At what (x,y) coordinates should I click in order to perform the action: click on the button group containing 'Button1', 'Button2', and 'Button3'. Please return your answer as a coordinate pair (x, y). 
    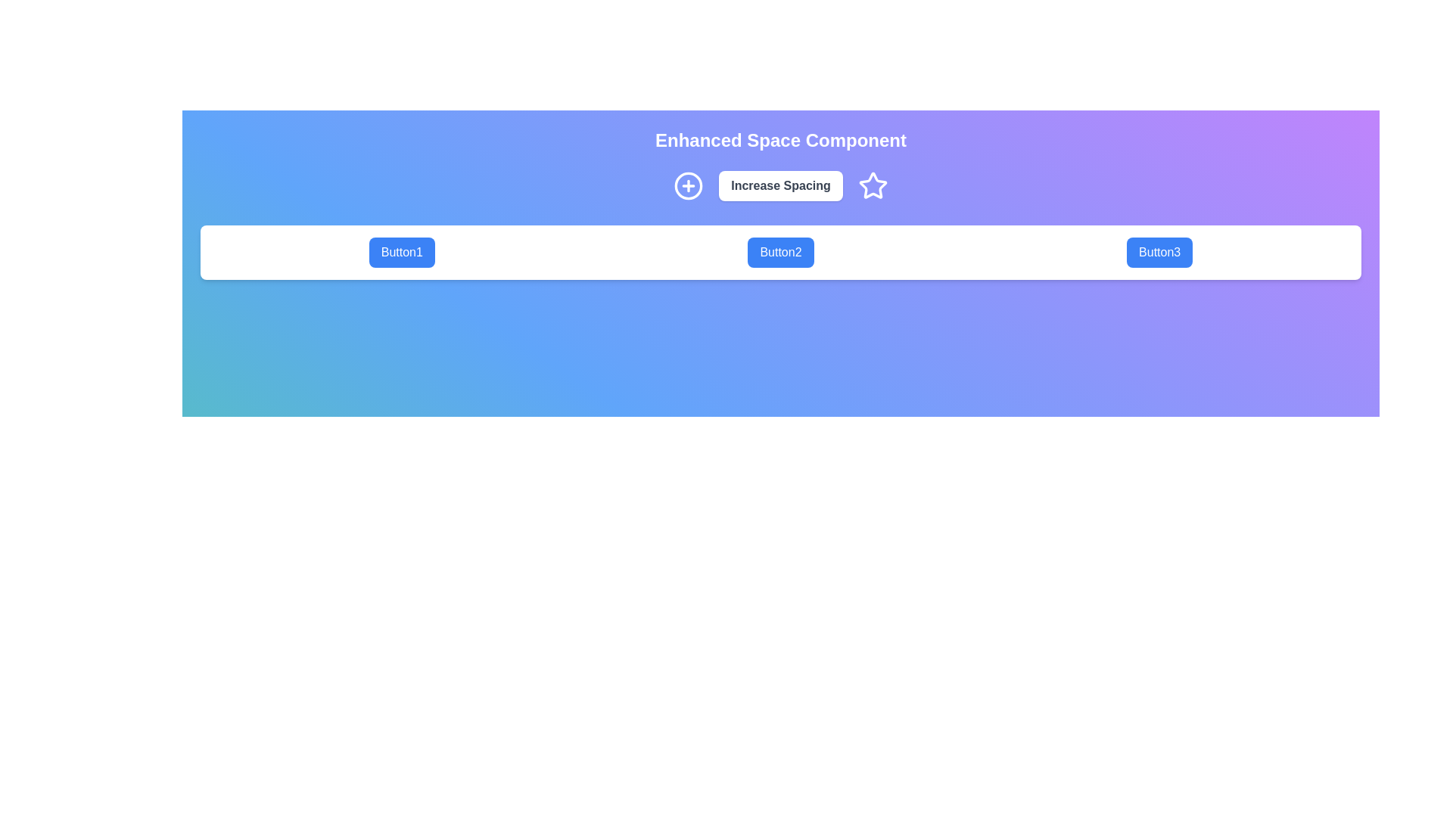
    Looking at the image, I should click on (781, 252).